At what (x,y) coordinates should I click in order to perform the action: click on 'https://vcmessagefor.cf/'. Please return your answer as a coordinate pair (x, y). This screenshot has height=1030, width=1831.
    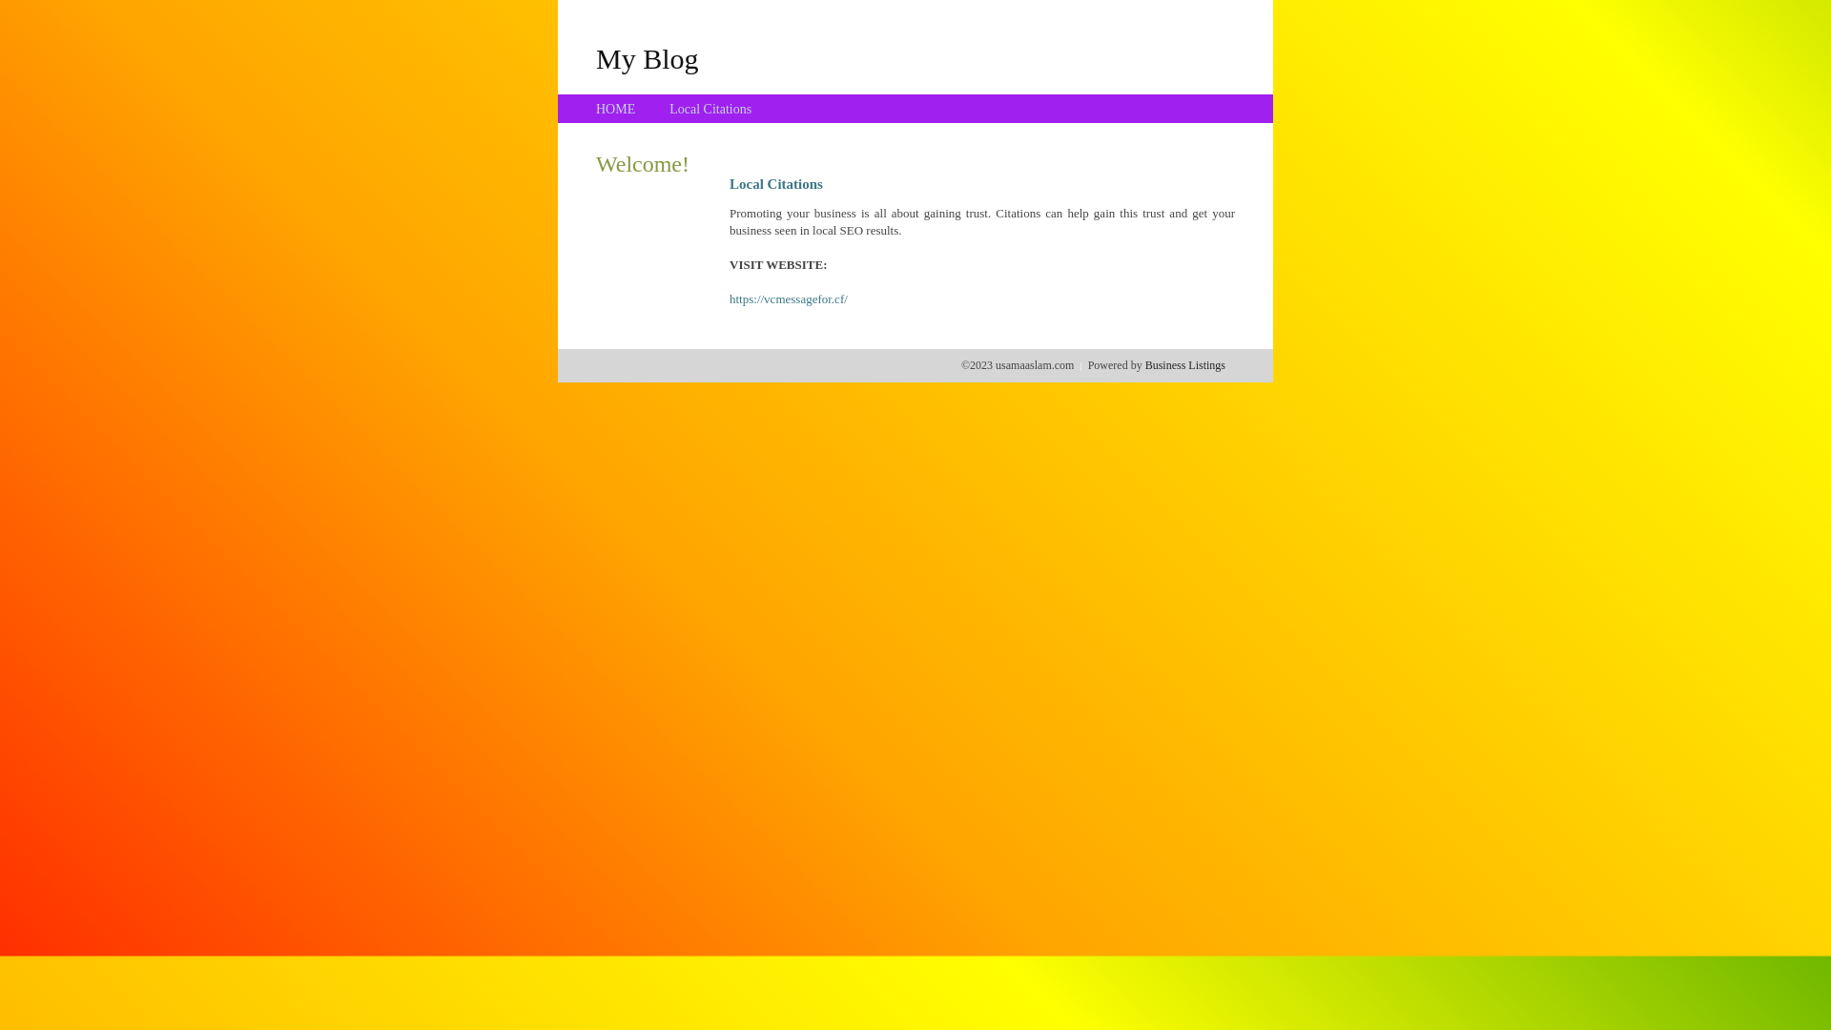
    Looking at the image, I should click on (788, 299).